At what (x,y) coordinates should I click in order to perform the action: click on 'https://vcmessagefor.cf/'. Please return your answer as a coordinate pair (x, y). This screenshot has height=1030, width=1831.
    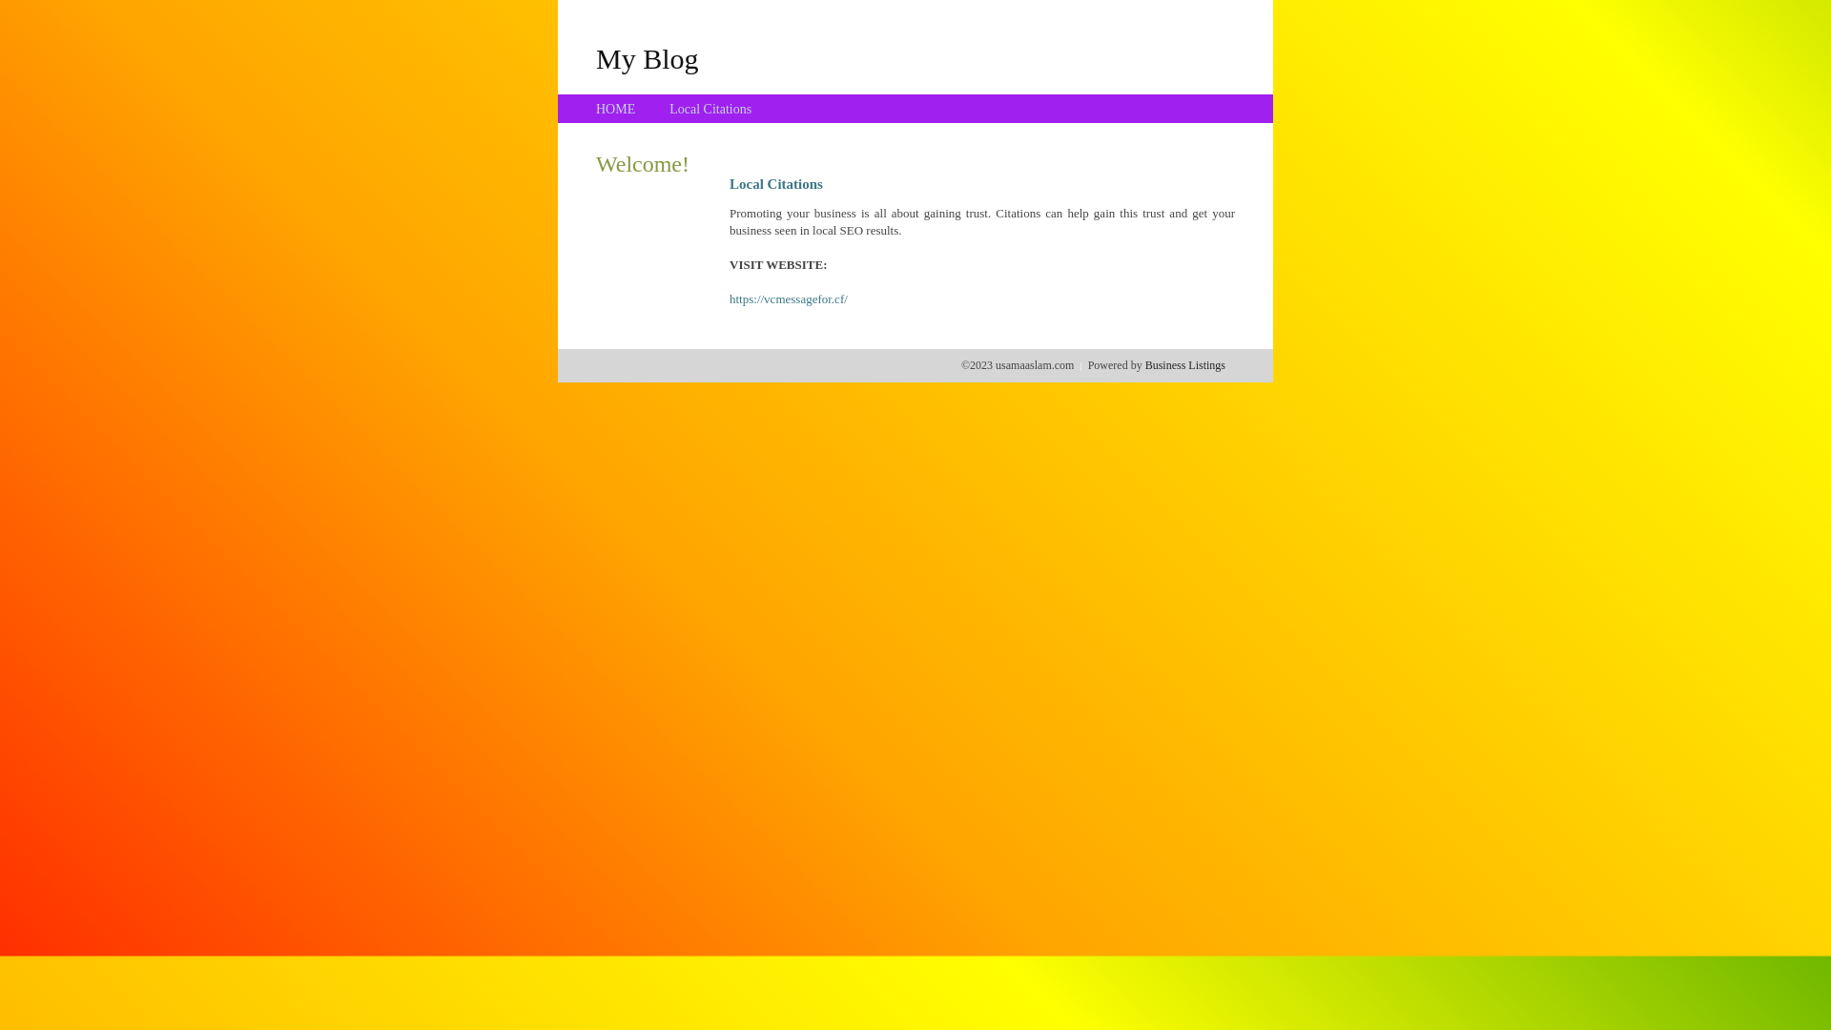
    Looking at the image, I should click on (788, 299).